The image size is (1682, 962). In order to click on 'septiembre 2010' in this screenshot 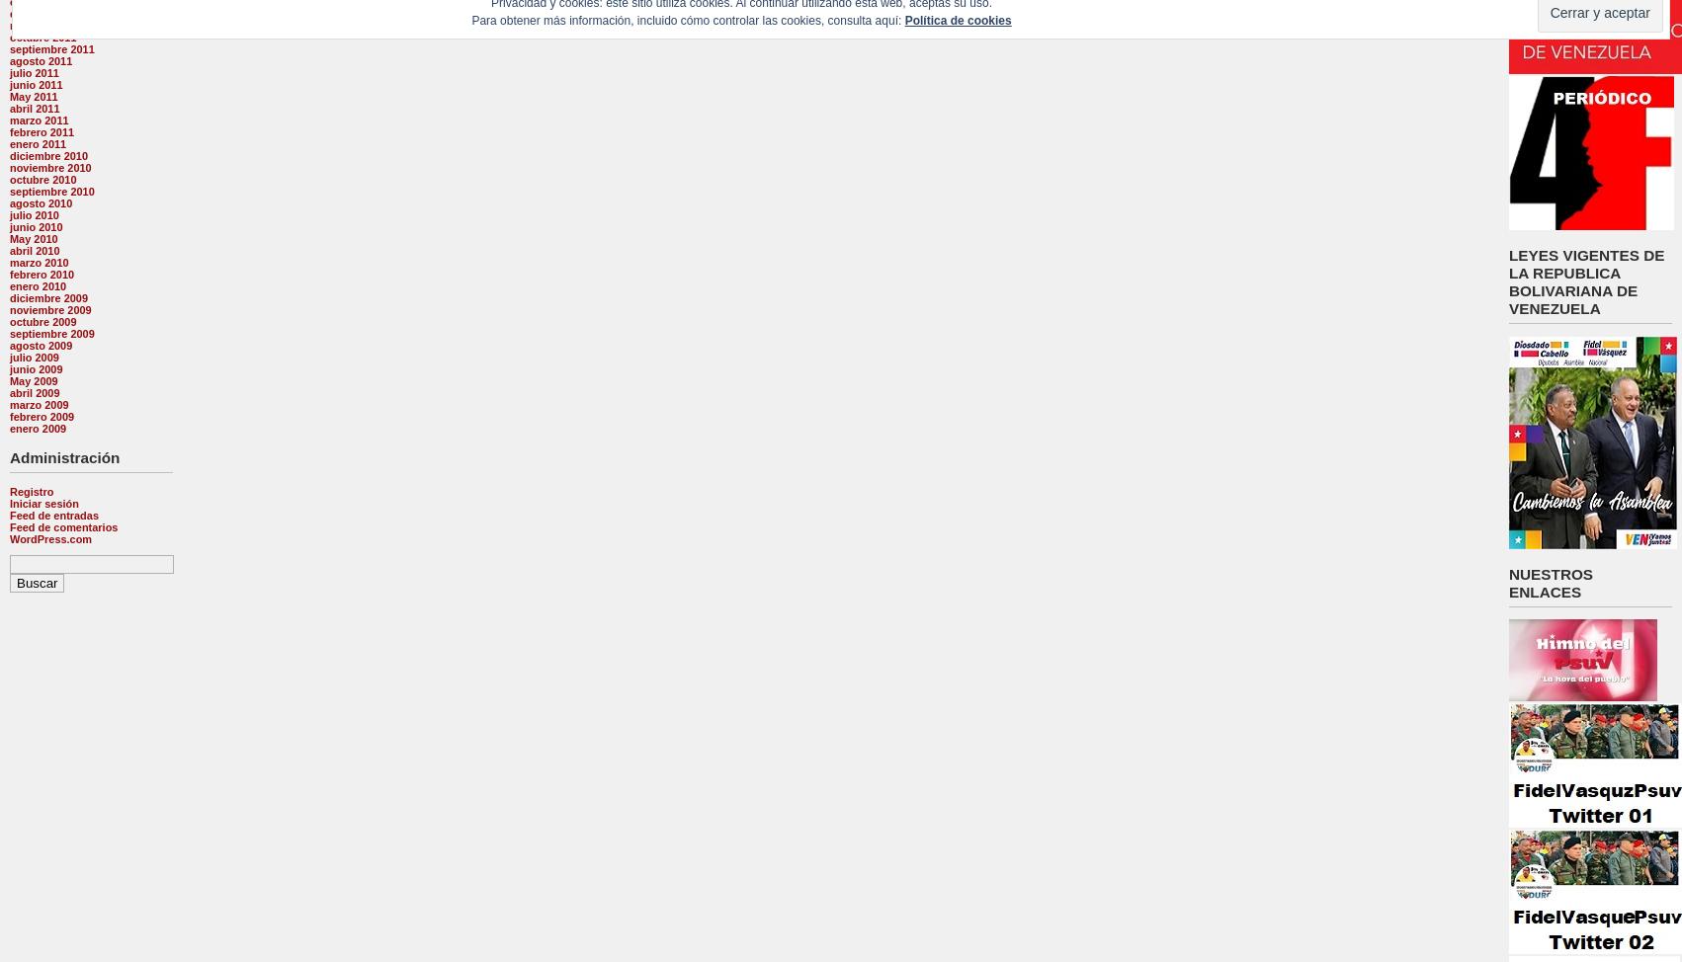, I will do `click(51, 192)`.